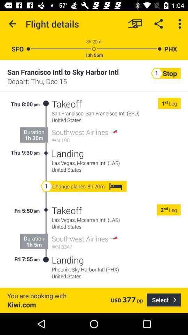 The height and width of the screenshot is (335, 188). I want to click on 1h 30m, so click(33, 137).